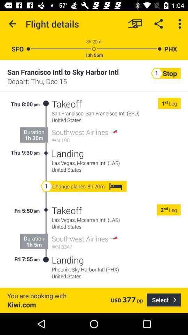 The height and width of the screenshot is (335, 188). I want to click on 1h 30m, so click(33, 137).